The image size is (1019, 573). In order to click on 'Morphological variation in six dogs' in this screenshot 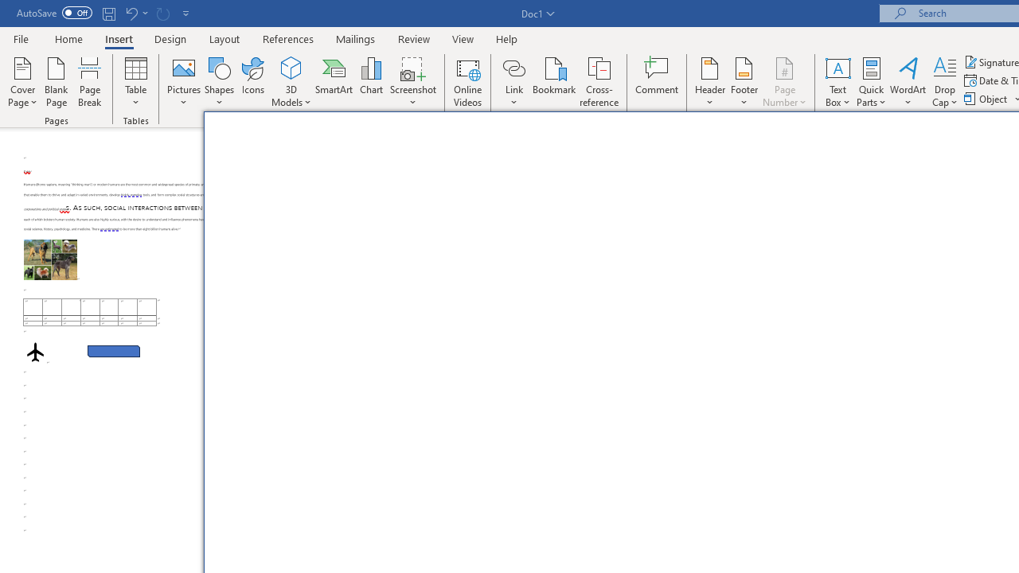, I will do `click(50, 259)`.